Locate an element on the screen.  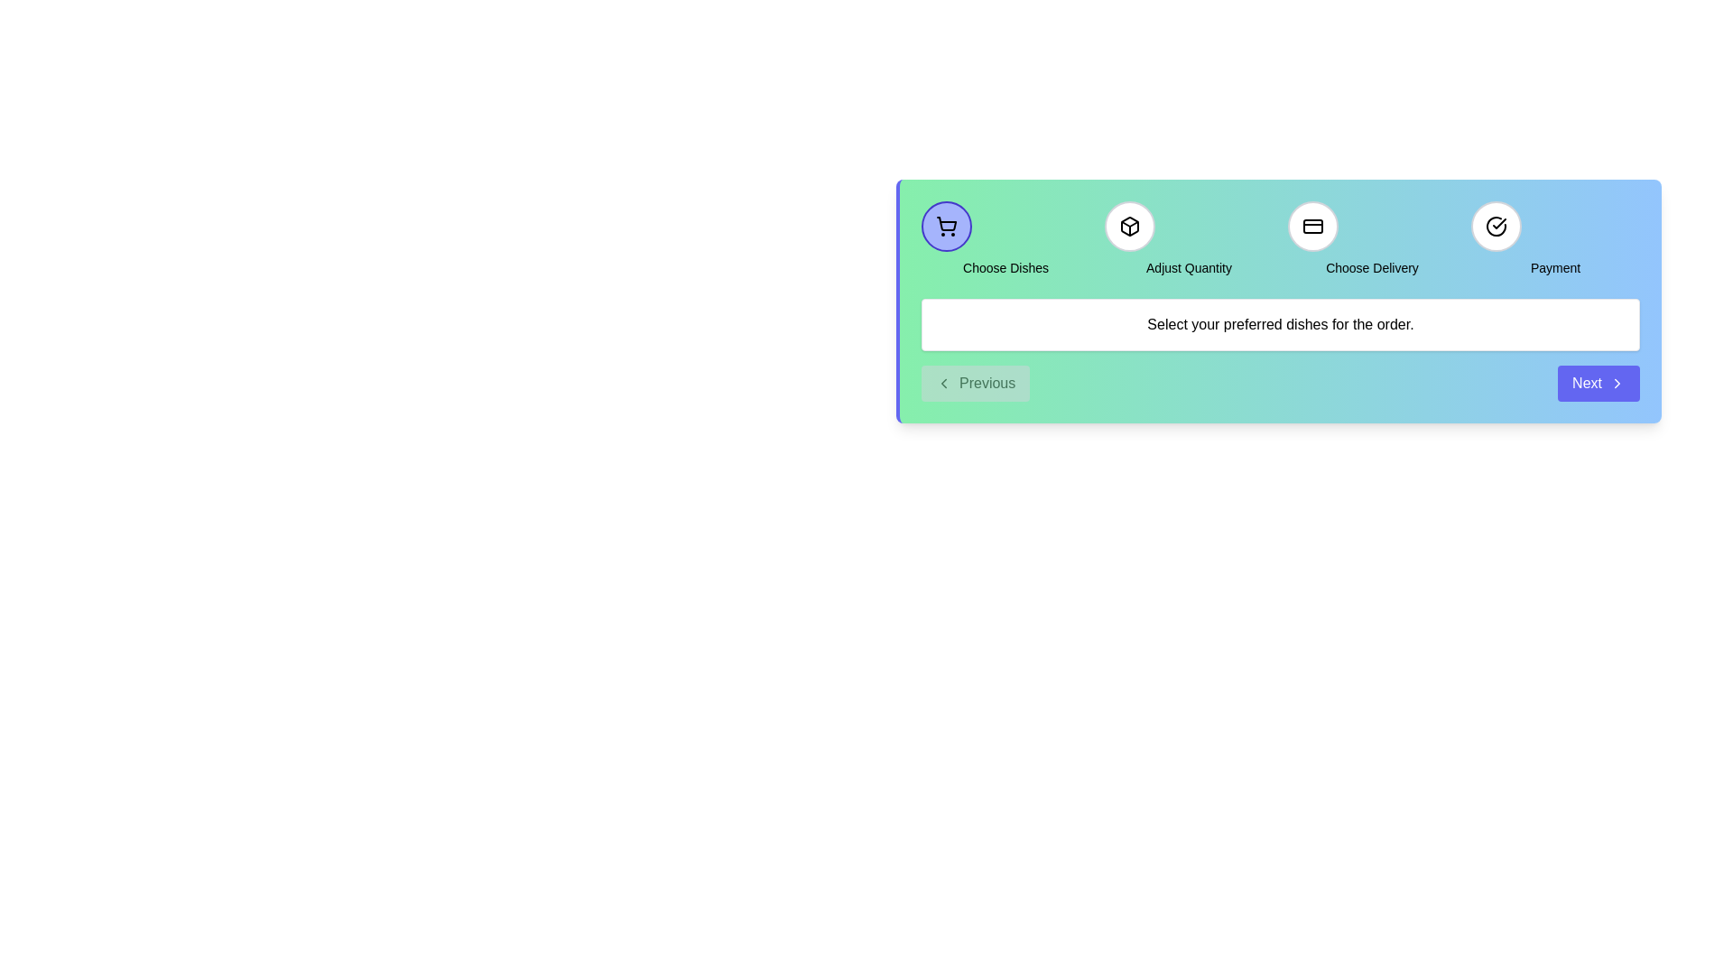
the 'Payment' text label, which is the fourth step in a multi-step process displayed at the top of the current view is located at coordinates (1554, 268).